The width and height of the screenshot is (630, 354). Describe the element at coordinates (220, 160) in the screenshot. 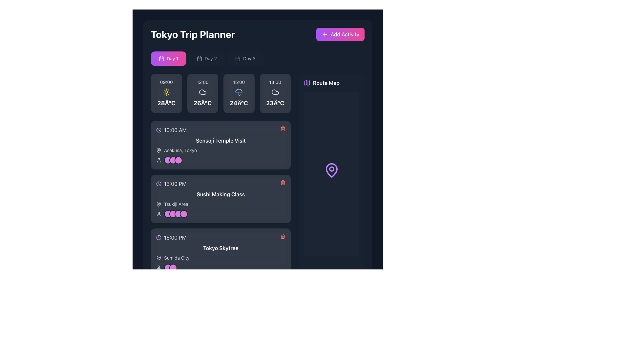

I see `the Composite component containing an icon and decorative avatars associated with the 'Sensoji Temple Visit' at 10:00 AM by moving the cursor to its center point` at that location.